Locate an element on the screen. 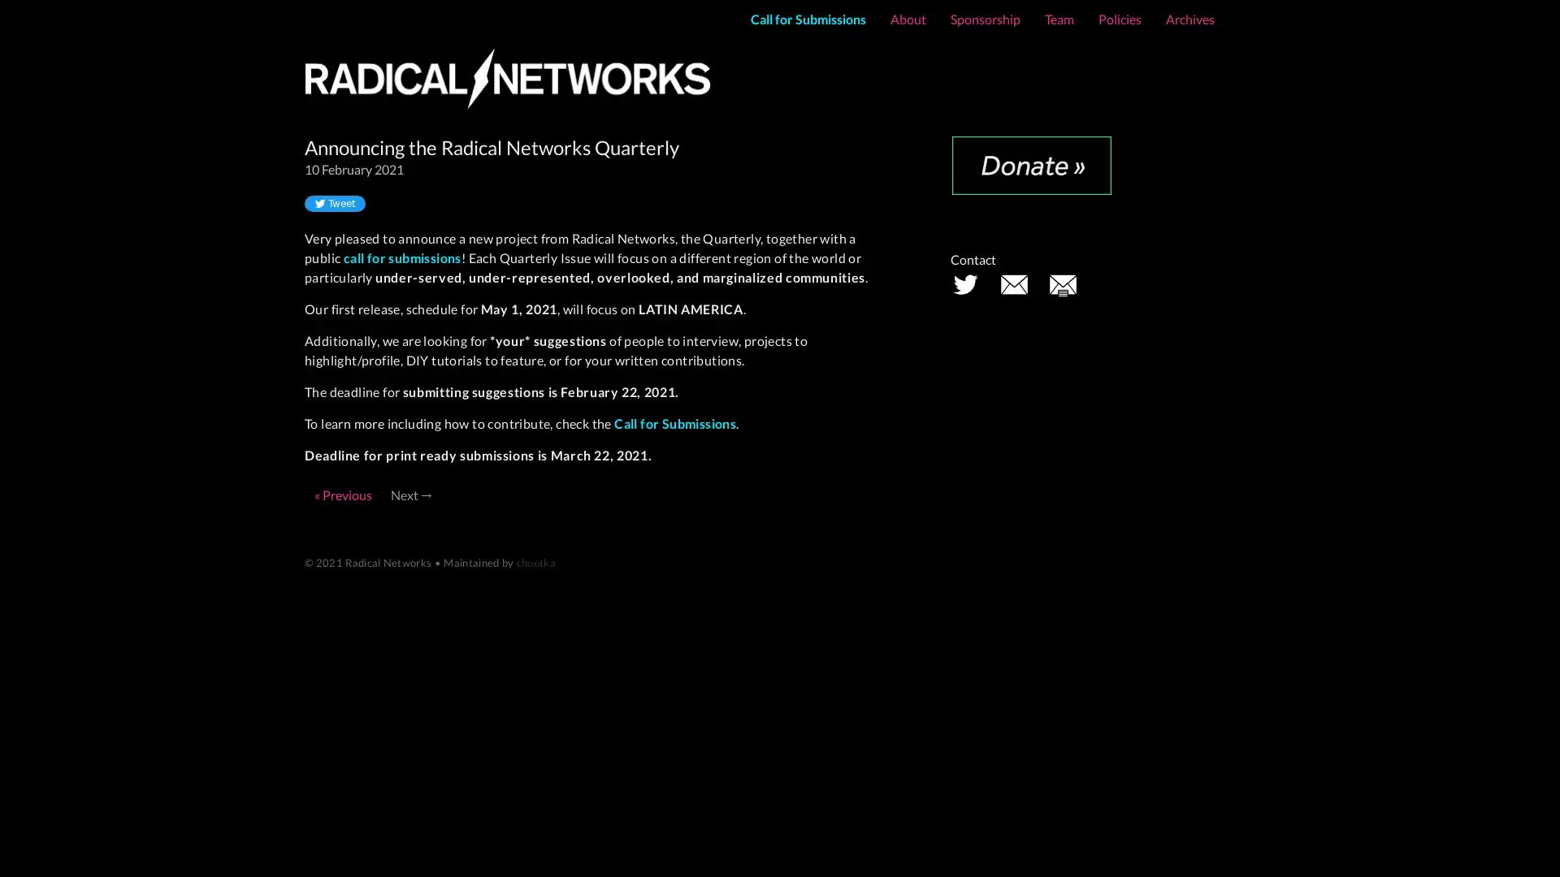 The width and height of the screenshot is (1560, 877). Donate with PayPal button is located at coordinates (1031, 166).